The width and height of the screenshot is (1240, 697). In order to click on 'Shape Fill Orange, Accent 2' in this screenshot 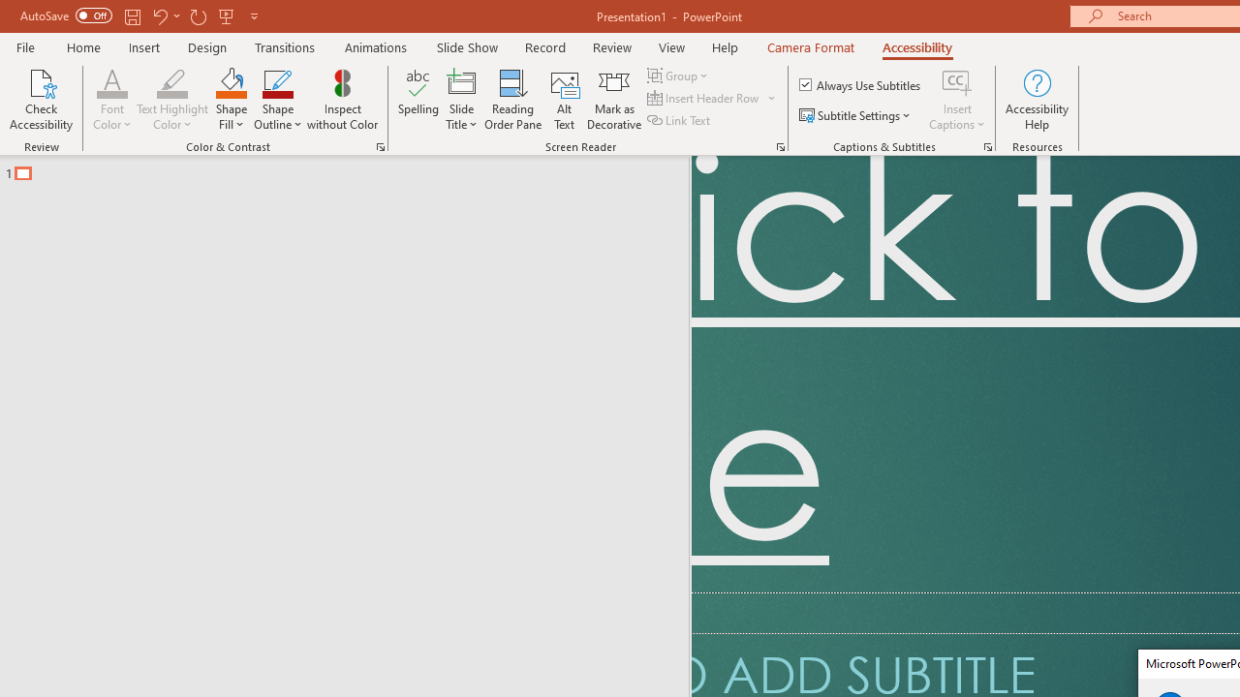, I will do `click(231, 81)`.